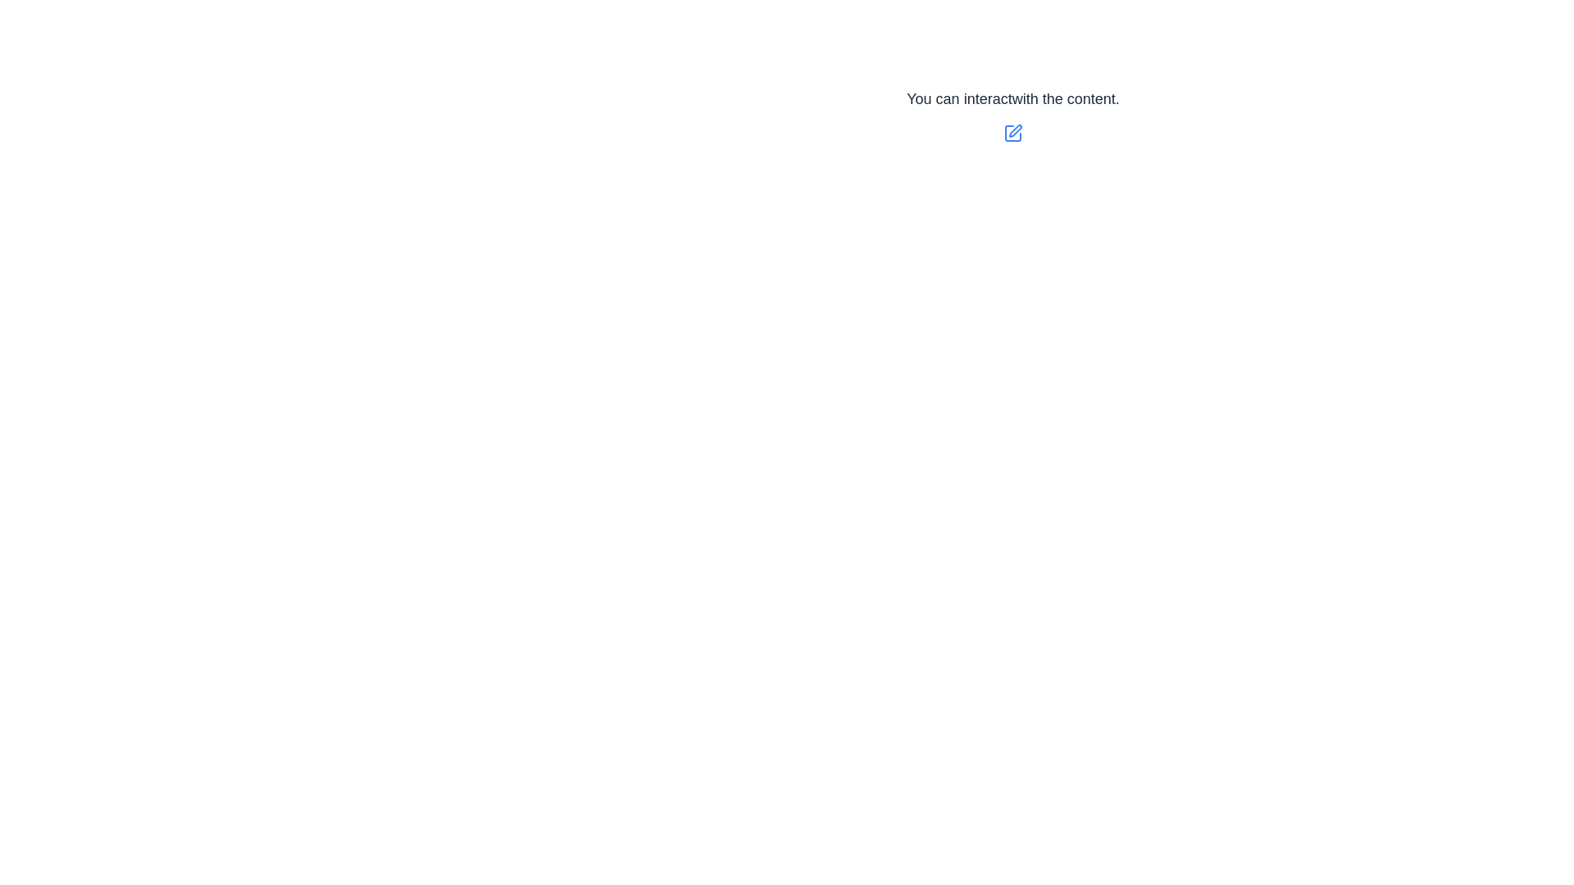 The image size is (1574, 885). Describe the element at coordinates (987, 98) in the screenshot. I see `the text element conveying information to the user, specifically the word 'interact' in the sentence 'You can interact with the content.'` at that location.